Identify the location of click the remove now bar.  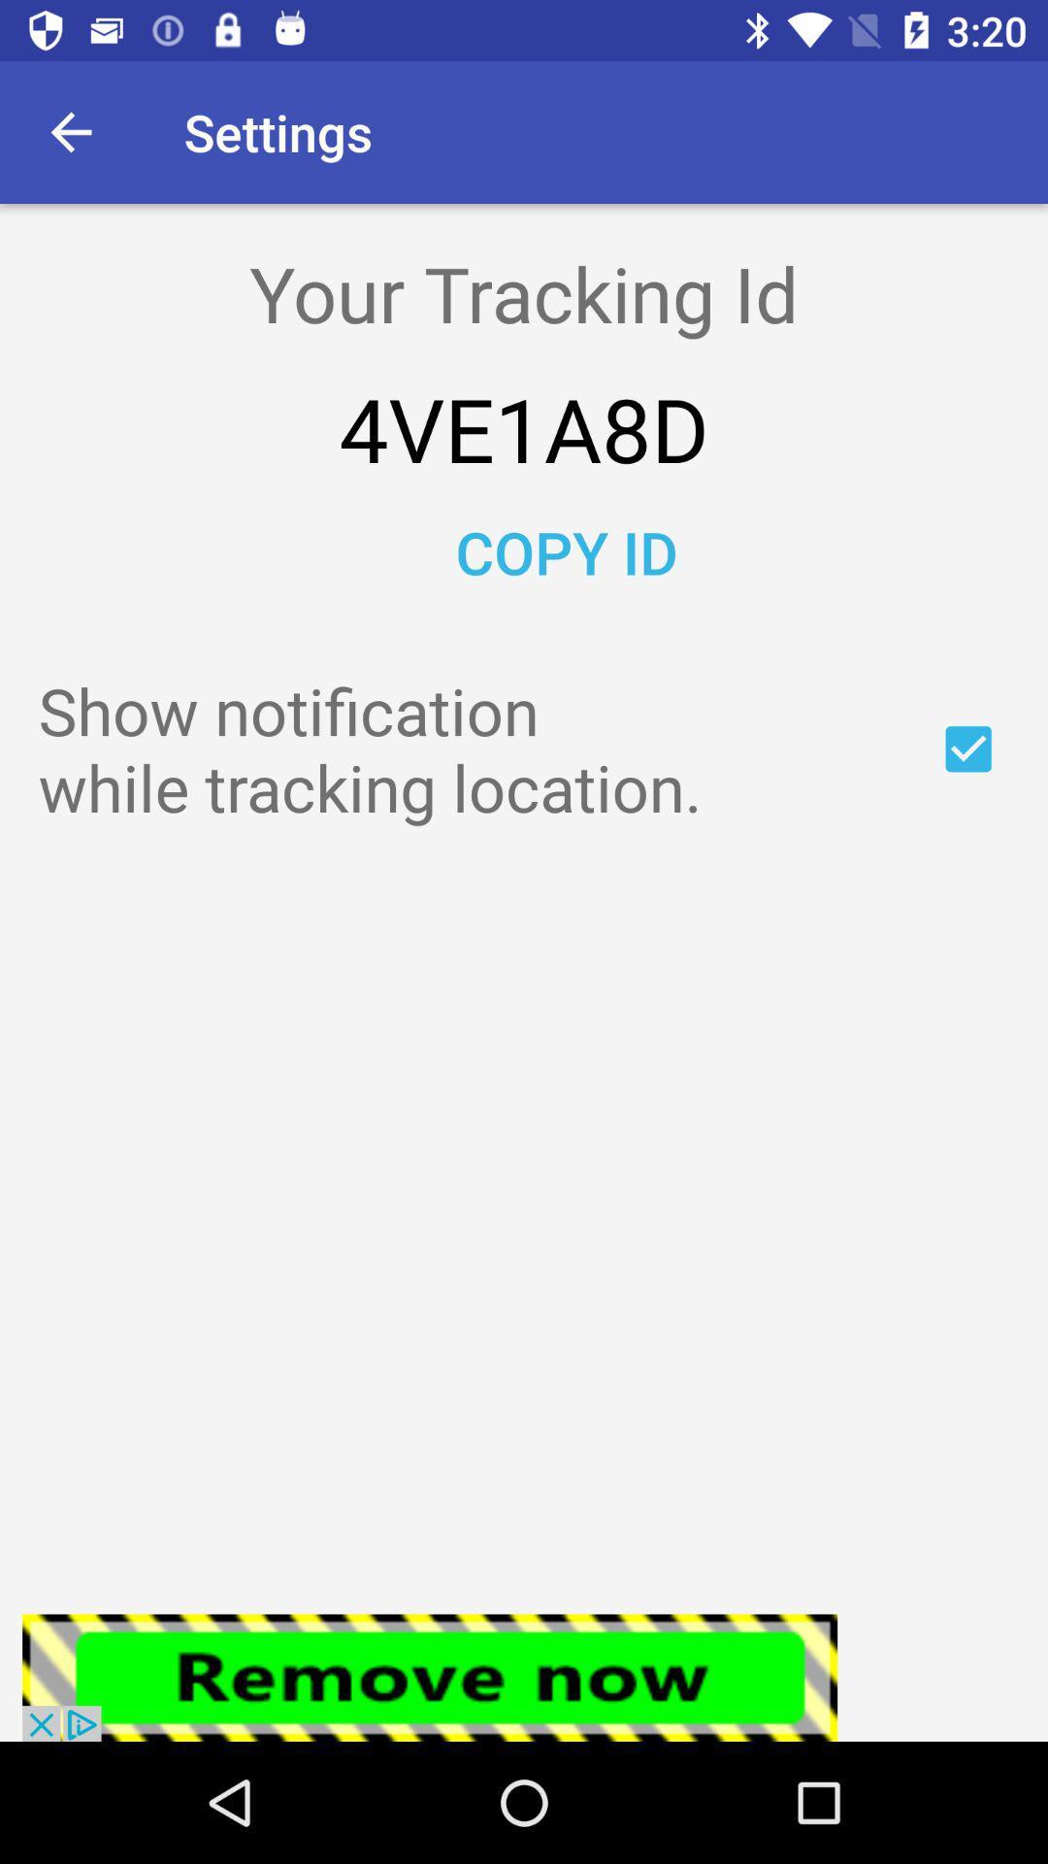
(429, 1677).